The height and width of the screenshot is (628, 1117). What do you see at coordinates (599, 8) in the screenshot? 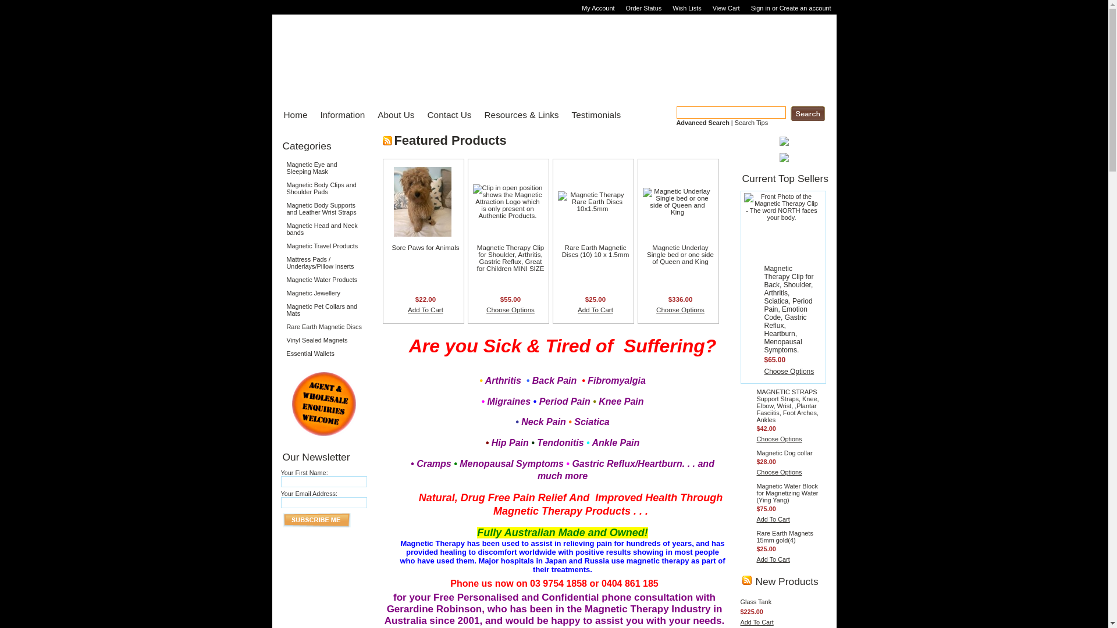
I see `'My Account'` at bounding box center [599, 8].